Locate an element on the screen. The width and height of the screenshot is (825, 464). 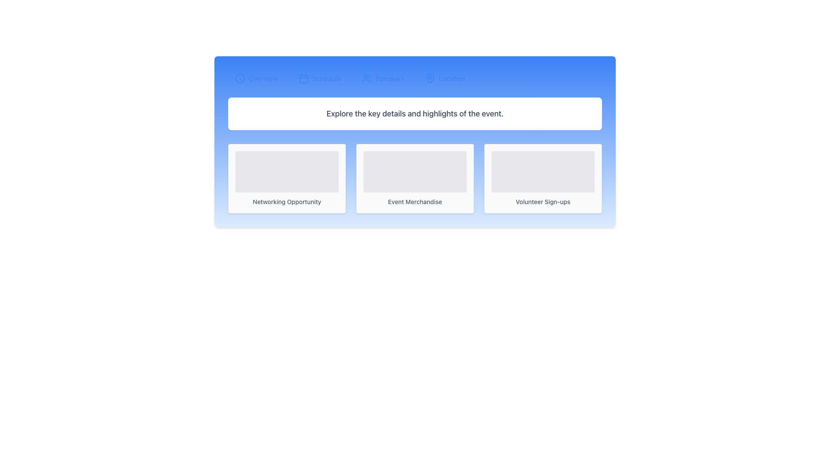
the Text Display element, which is a white, rounded rectangle providing contextual information, located below a blue gradient header and above three horizontally-aligned cards is located at coordinates (415, 113).